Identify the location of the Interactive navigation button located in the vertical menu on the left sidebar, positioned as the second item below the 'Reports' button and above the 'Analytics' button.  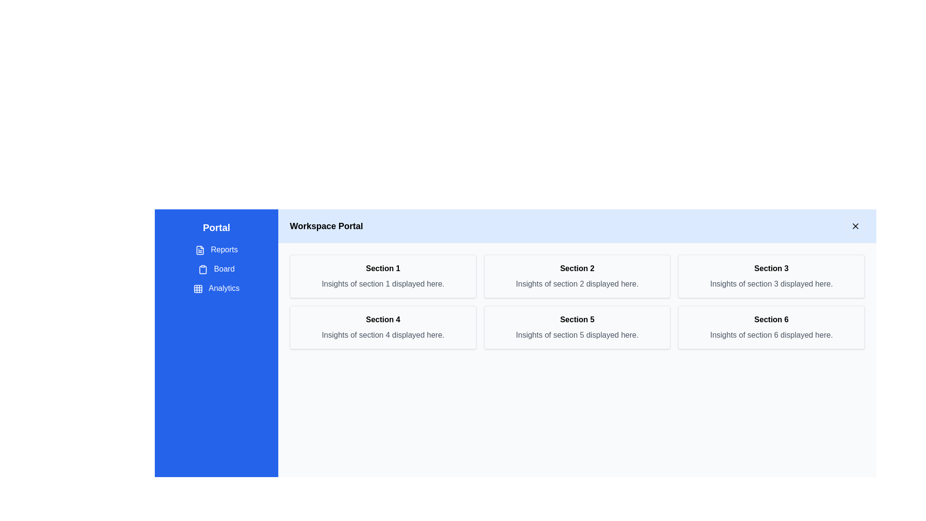
(216, 269).